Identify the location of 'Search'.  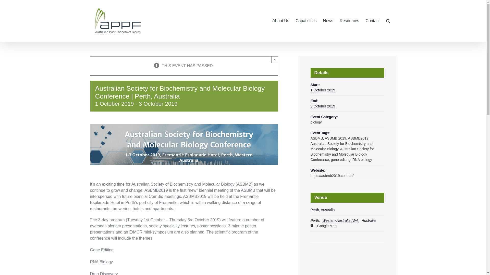
(388, 20).